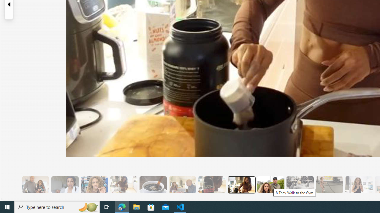  Describe the element at coordinates (300, 184) in the screenshot. I see `'9 They Do Bench Exercises'` at that location.